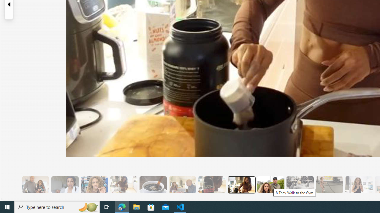  Describe the element at coordinates (300, 184) in the screenshot. I see `'9 They Do Bench Exercises'` at that location.